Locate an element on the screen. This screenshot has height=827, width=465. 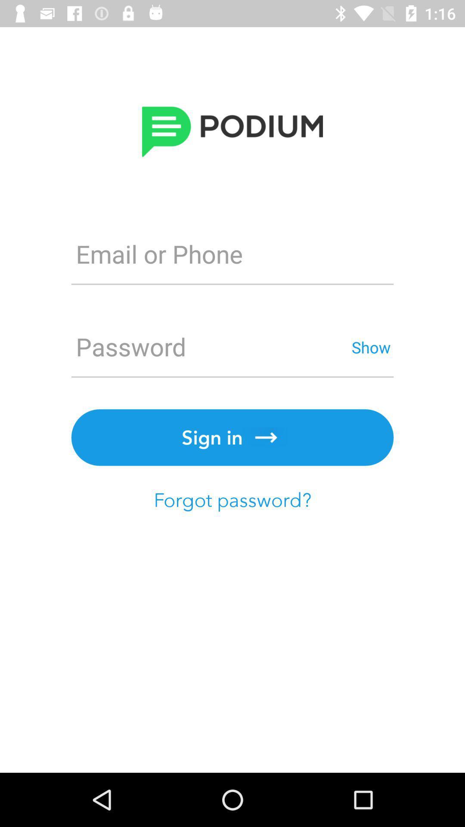
the icon above sign in item is located at coordinates (210, 347).